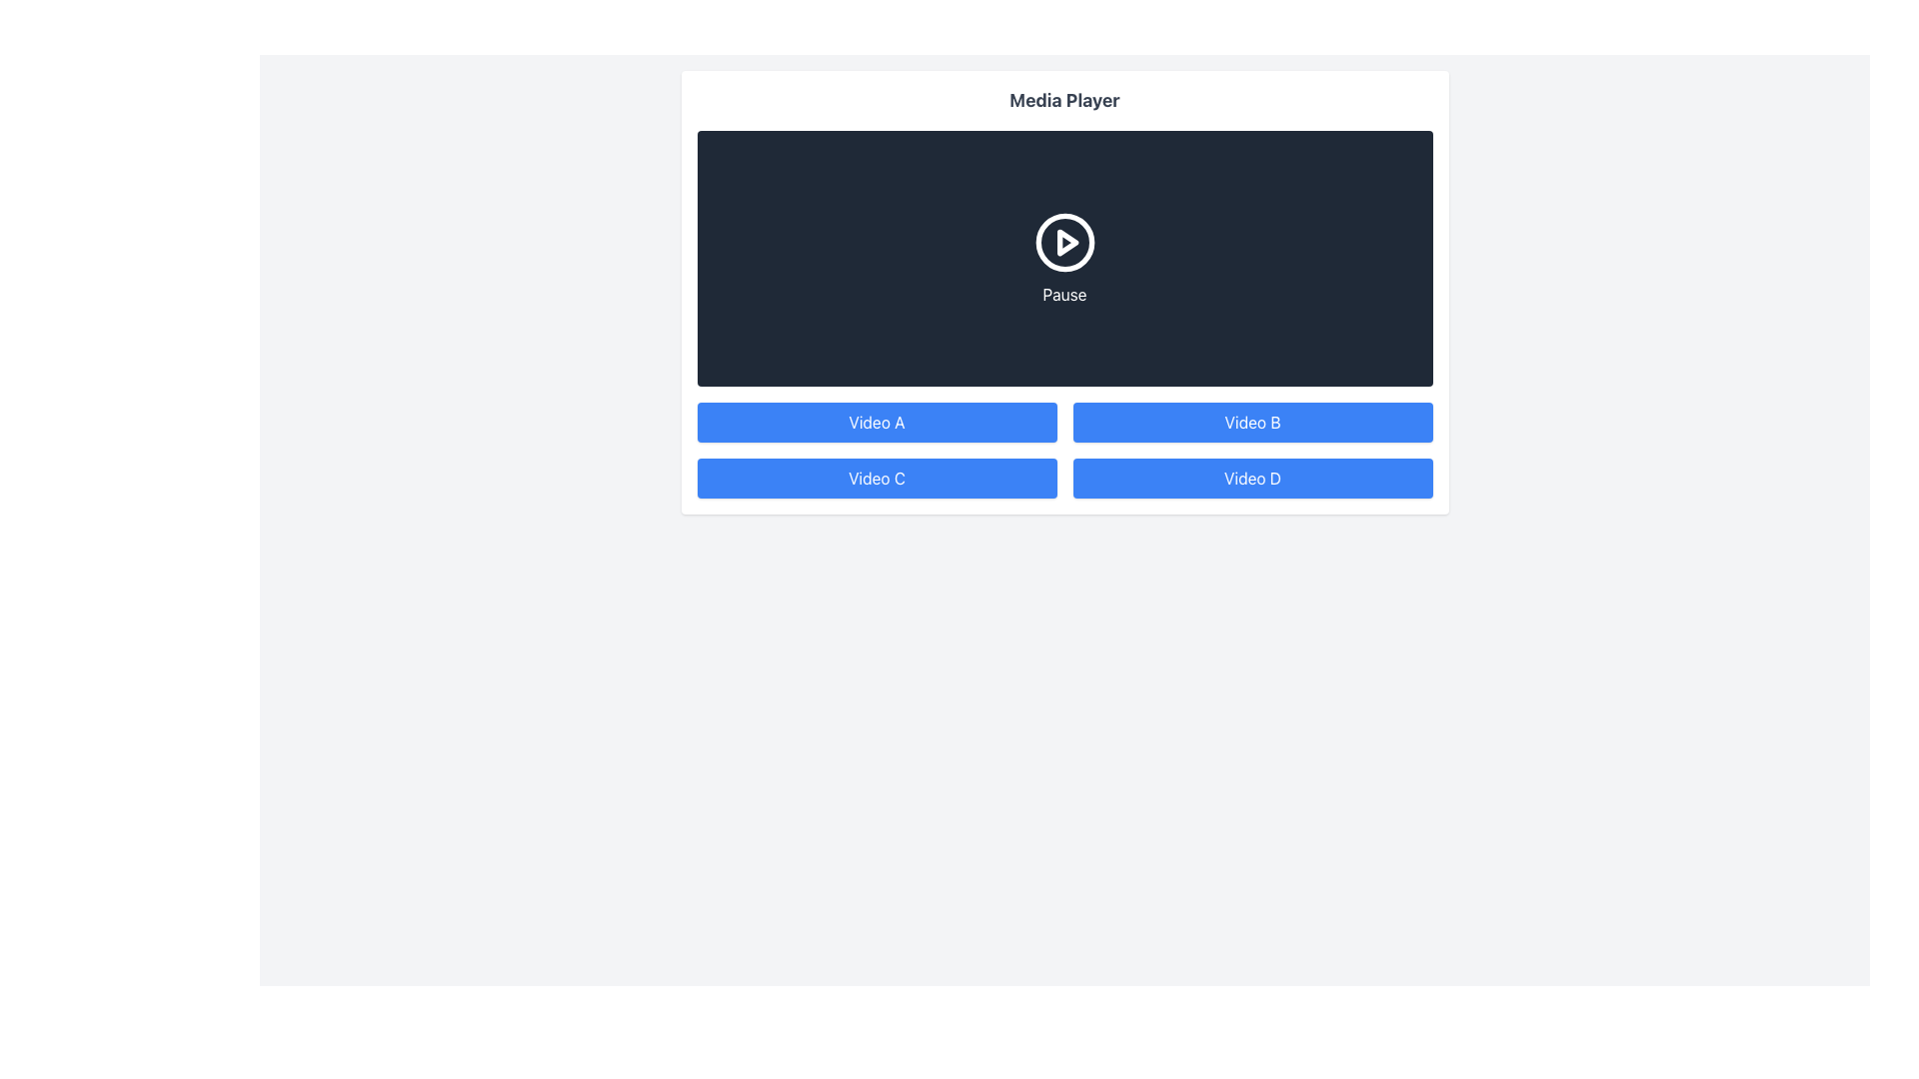 This screenshot has height=1079, width=1919. Describe the element at coordinates (877, 422) in the screenshot. I see `the button labeled 'Video A' located in the top-left quadrant of the interface, which serves` at that location.